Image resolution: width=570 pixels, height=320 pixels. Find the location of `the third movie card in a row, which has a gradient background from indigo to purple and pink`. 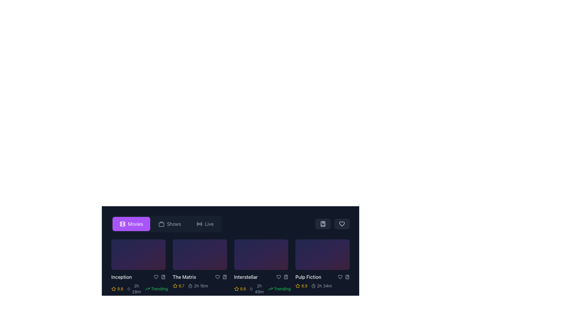

the third movie card in a row, which has a gradient background from indigo to purple and pink is located at coordinates (261, 254).